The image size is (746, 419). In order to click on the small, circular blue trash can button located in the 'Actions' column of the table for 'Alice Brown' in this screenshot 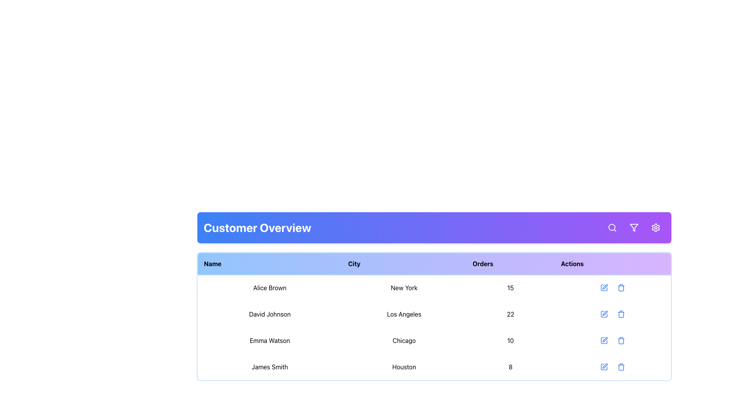, I will do `click(621, 287)`.